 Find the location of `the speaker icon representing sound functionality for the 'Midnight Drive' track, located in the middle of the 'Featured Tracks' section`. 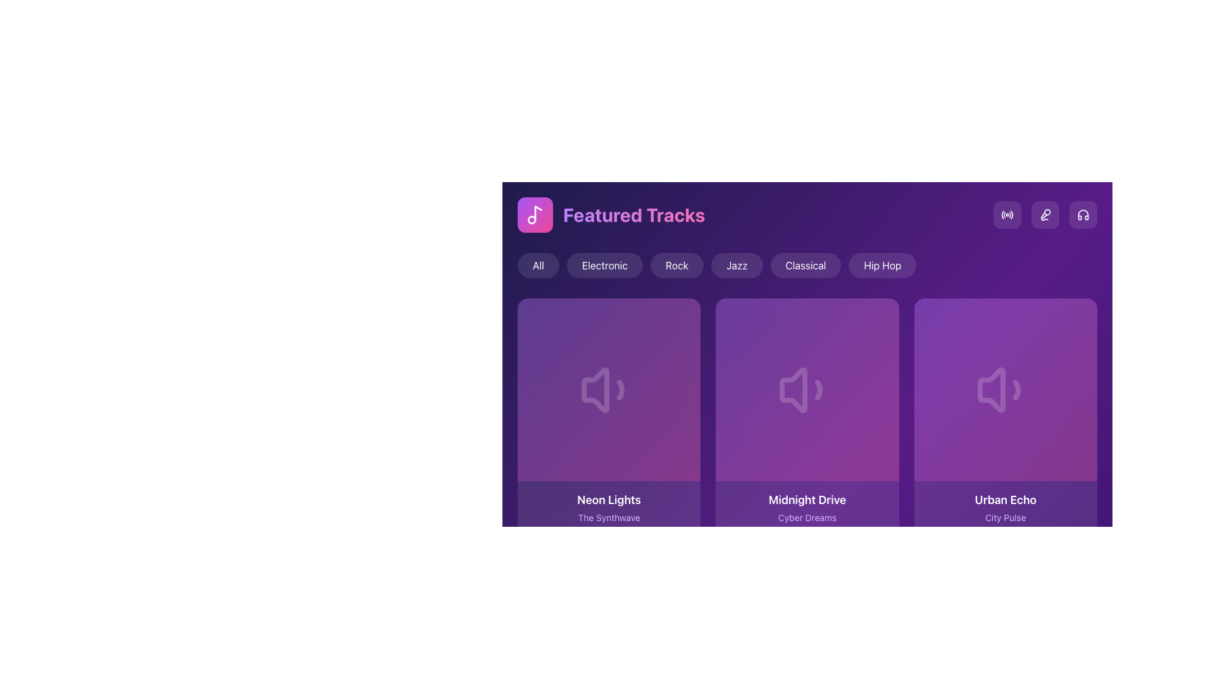

the speaker icon representing sound functionality for the 'Midnight Drive' track, located in the middle of the 'Featured Tracks' section is located at coordinates (807, 389).